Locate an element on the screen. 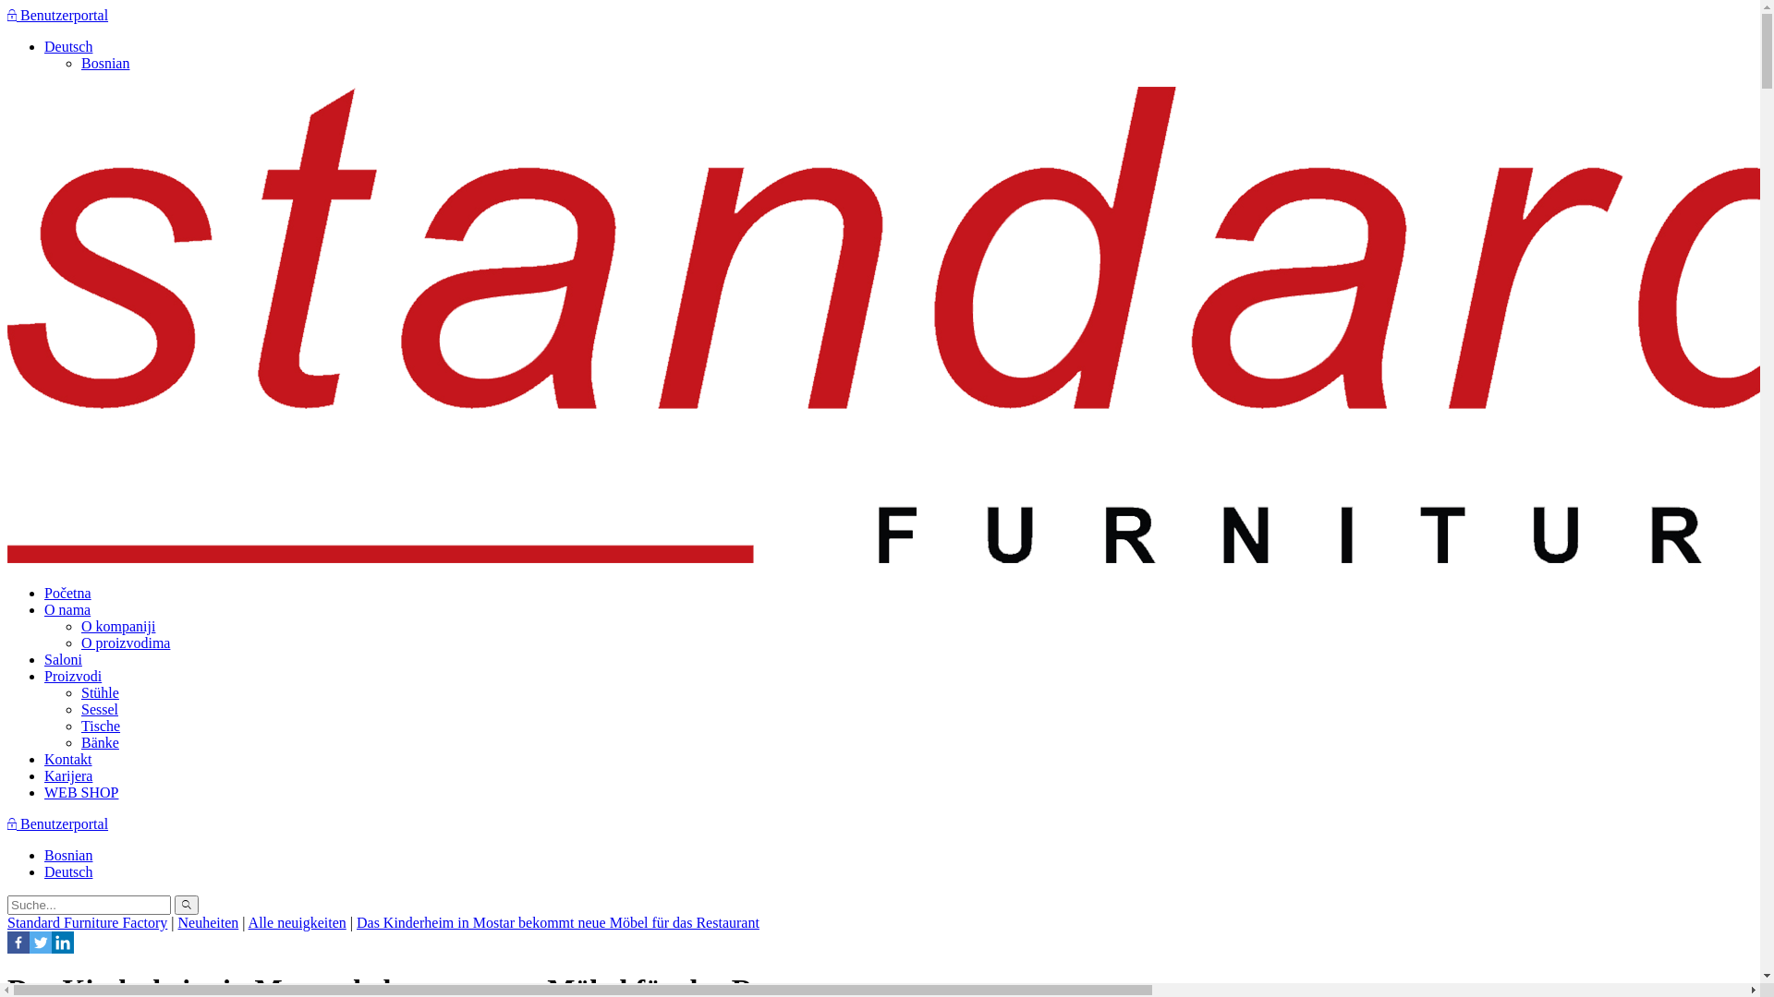 This screenshot has width=1774, height=997. 'Tische' is located at coordinates (100, 725).